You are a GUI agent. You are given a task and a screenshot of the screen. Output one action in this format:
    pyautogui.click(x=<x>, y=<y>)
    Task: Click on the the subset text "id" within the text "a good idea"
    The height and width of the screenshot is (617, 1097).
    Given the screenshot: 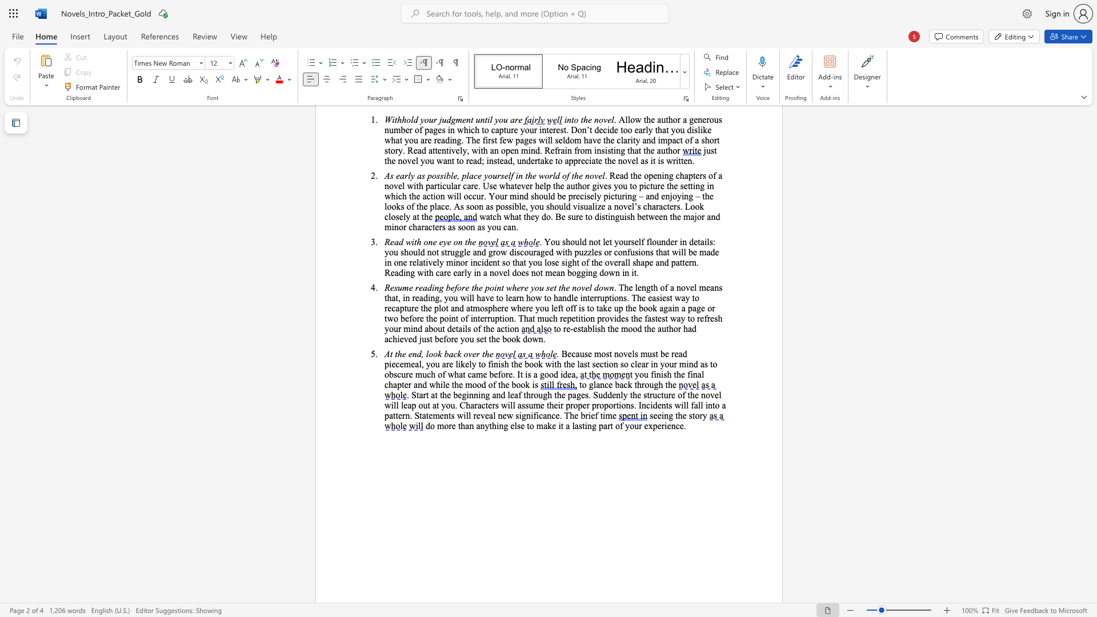 What is the action you would take?
    pyautogui.click(x=560, y=374)
    